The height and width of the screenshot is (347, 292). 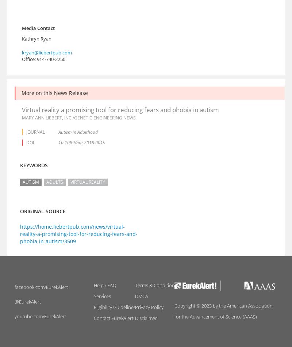 What do you see at coordinates (43, 59) in the screenshot?
I see `'Office: 914-740-2250'` at bounding box center [43, 59].